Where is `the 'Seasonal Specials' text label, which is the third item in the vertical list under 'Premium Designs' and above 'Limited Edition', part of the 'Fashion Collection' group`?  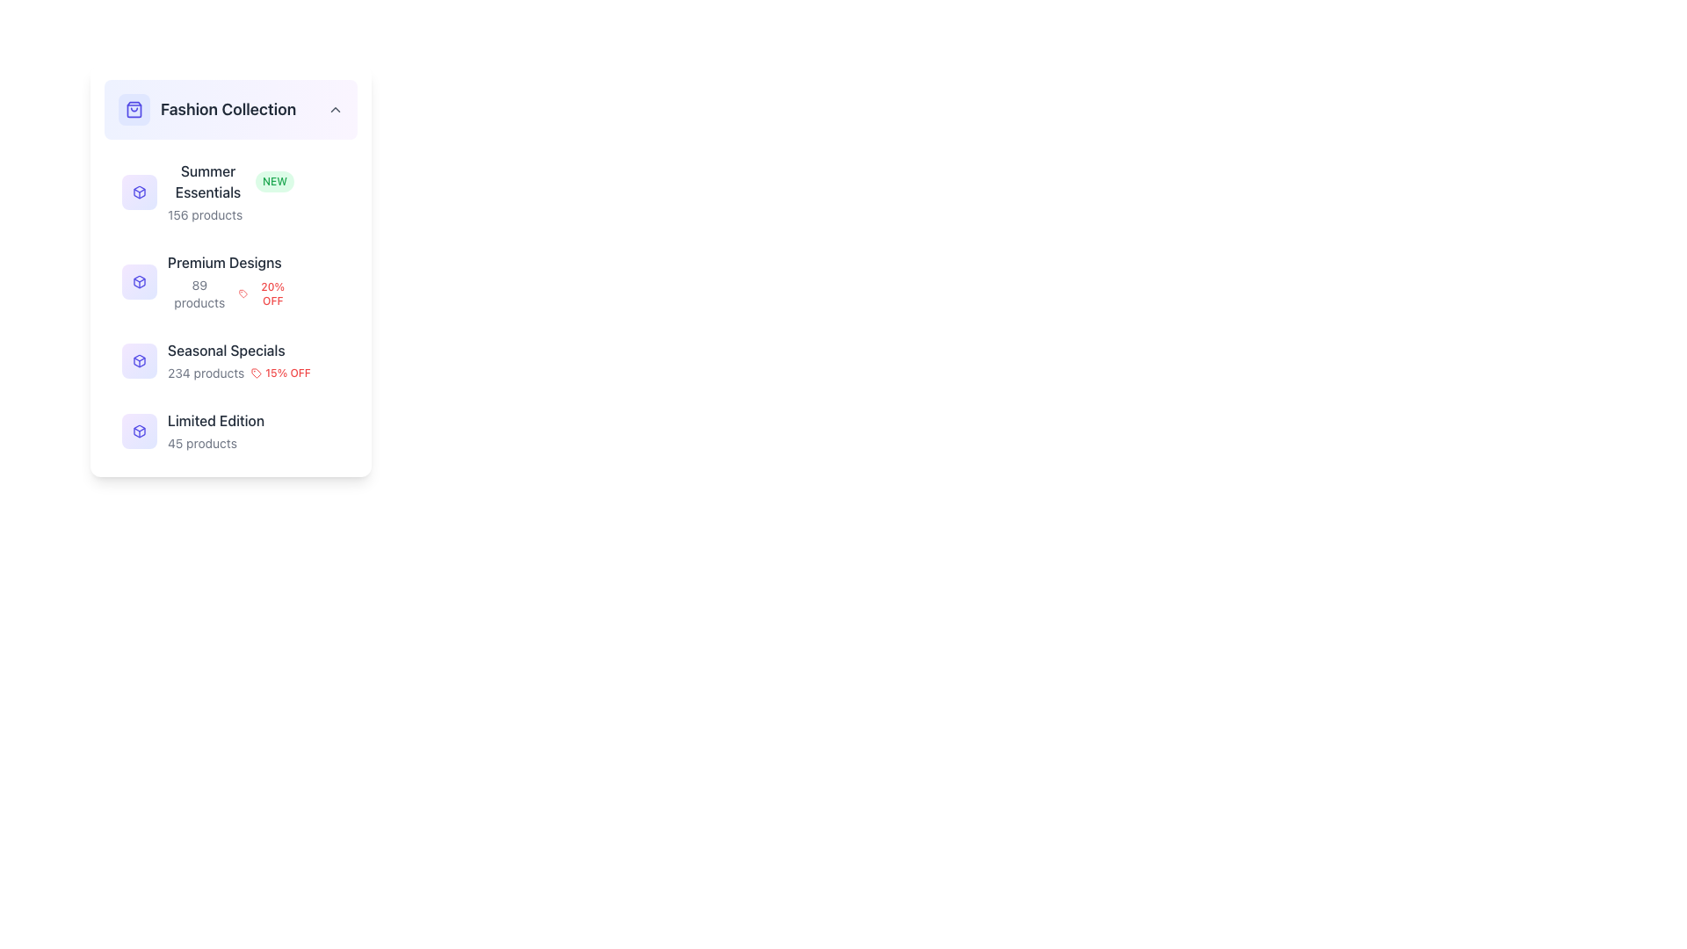
the 'Seasonal Specials' text label, which is the third item in the vertical list under 'Premium Designs' and above 'Limited Edition', part of the 'Fashion Collection' group is located at coordinates (225, 350).